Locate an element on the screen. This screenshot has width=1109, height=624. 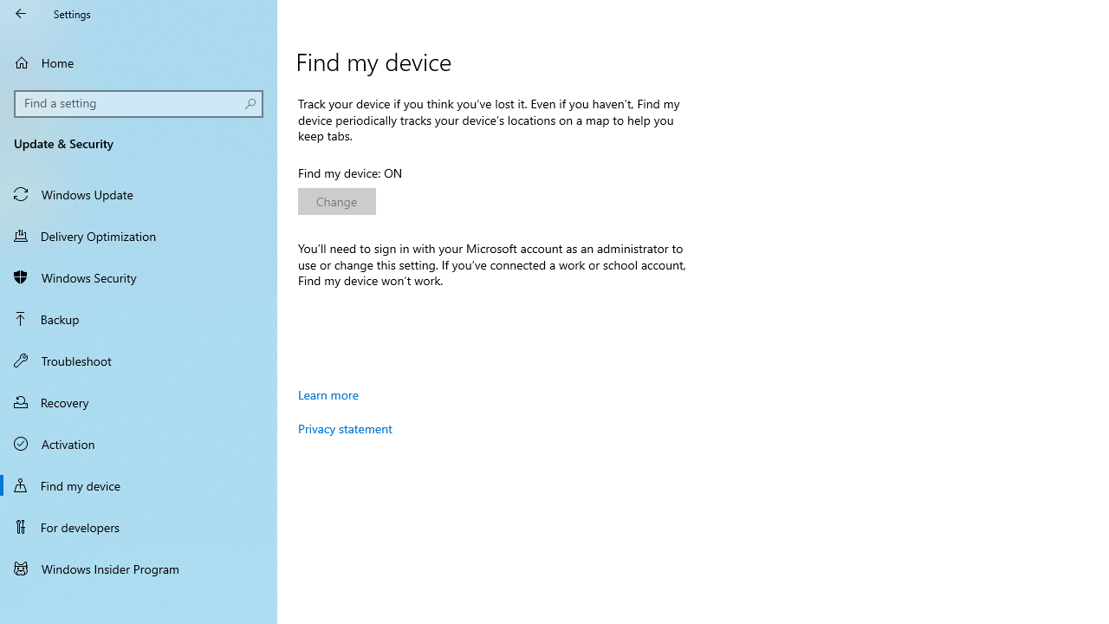
'Activation' is located at coordinates (139, 442).